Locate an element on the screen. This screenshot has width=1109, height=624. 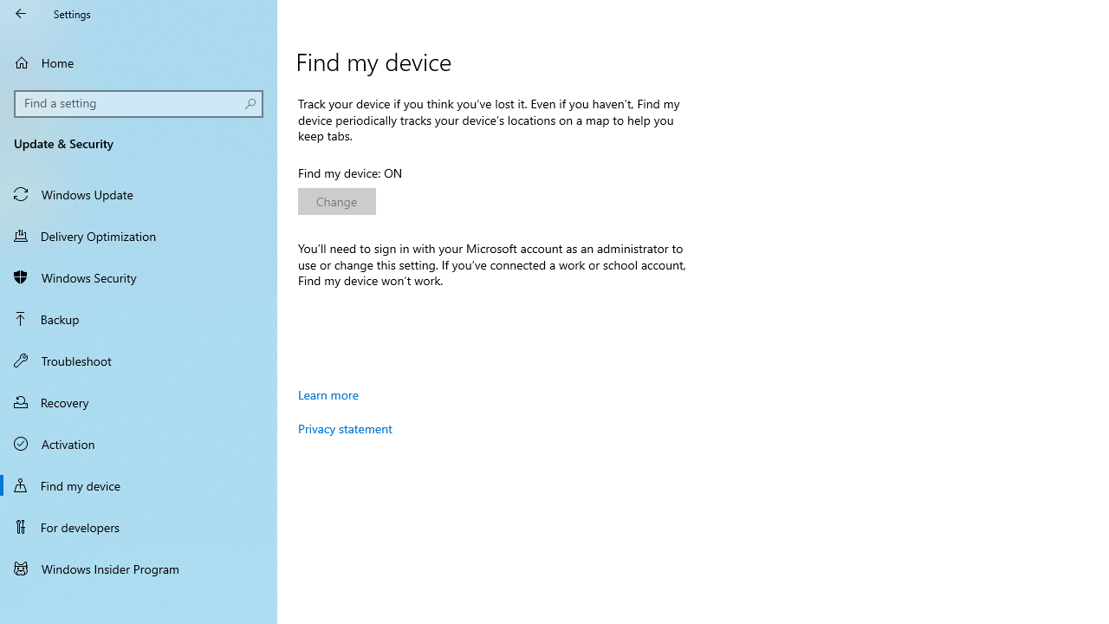
'Activation' is located at coordinates (139, 442).